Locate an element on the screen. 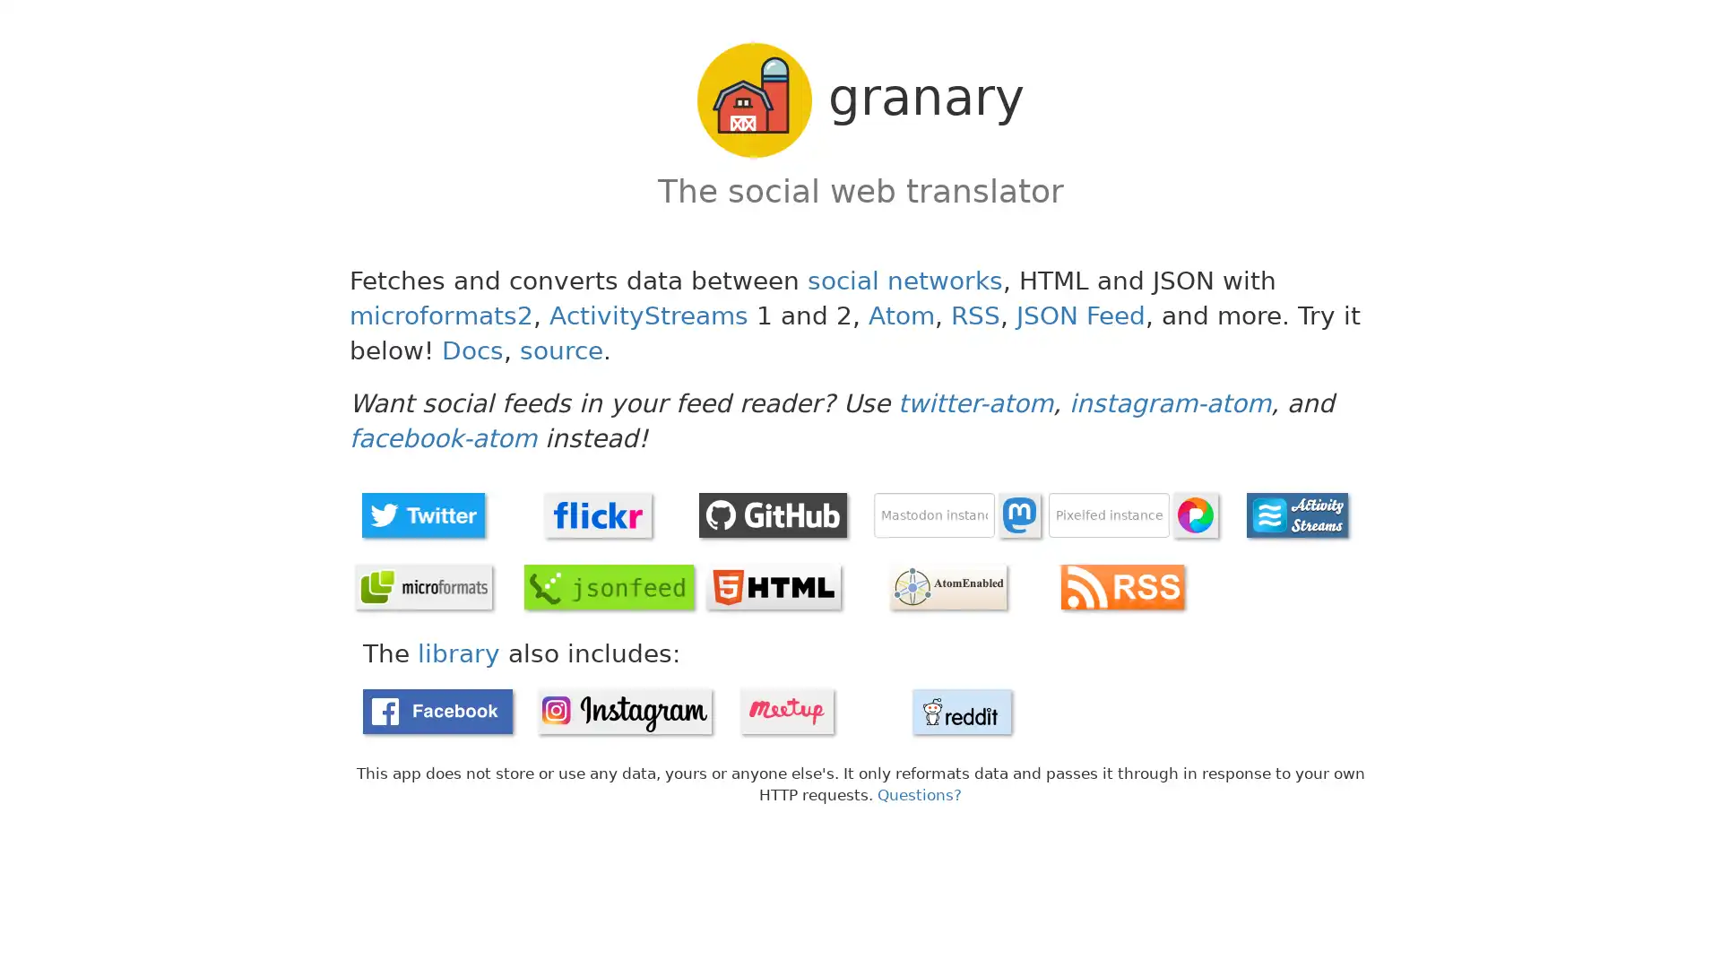 This screenshot has height=968, width=1721. RSS is located at coordinates (1121, 586).